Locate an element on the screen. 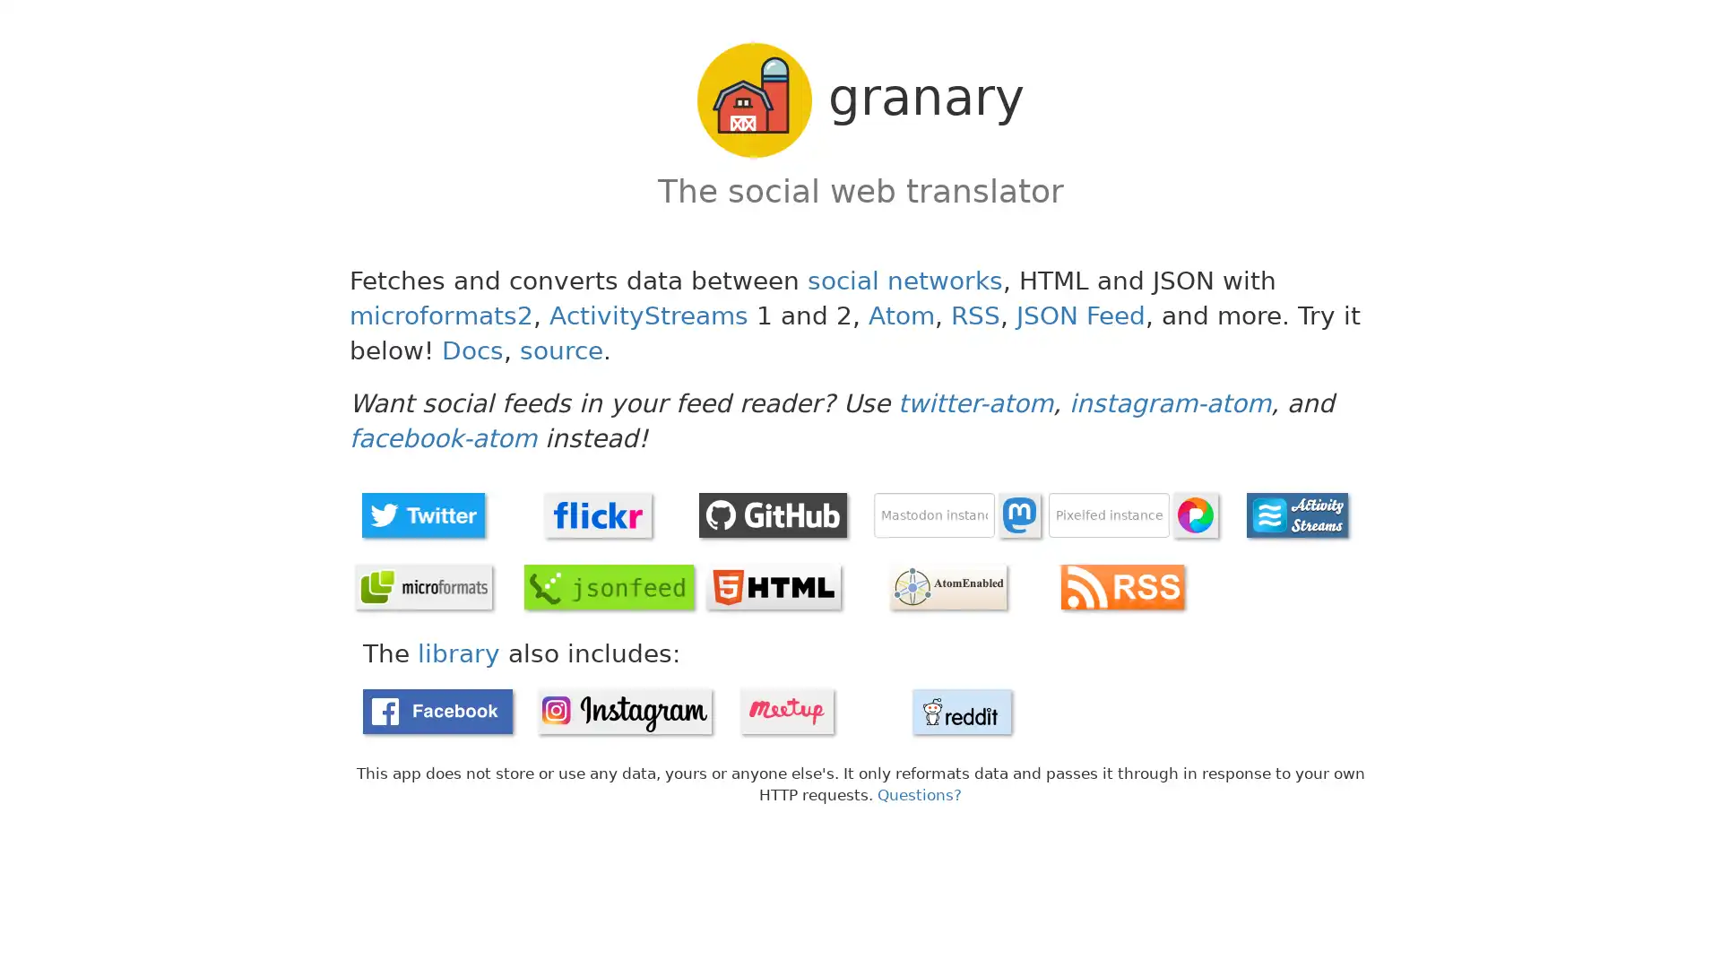 This screenshot has height=968, width=1721. RSS is located at coordinates (1121, 586).